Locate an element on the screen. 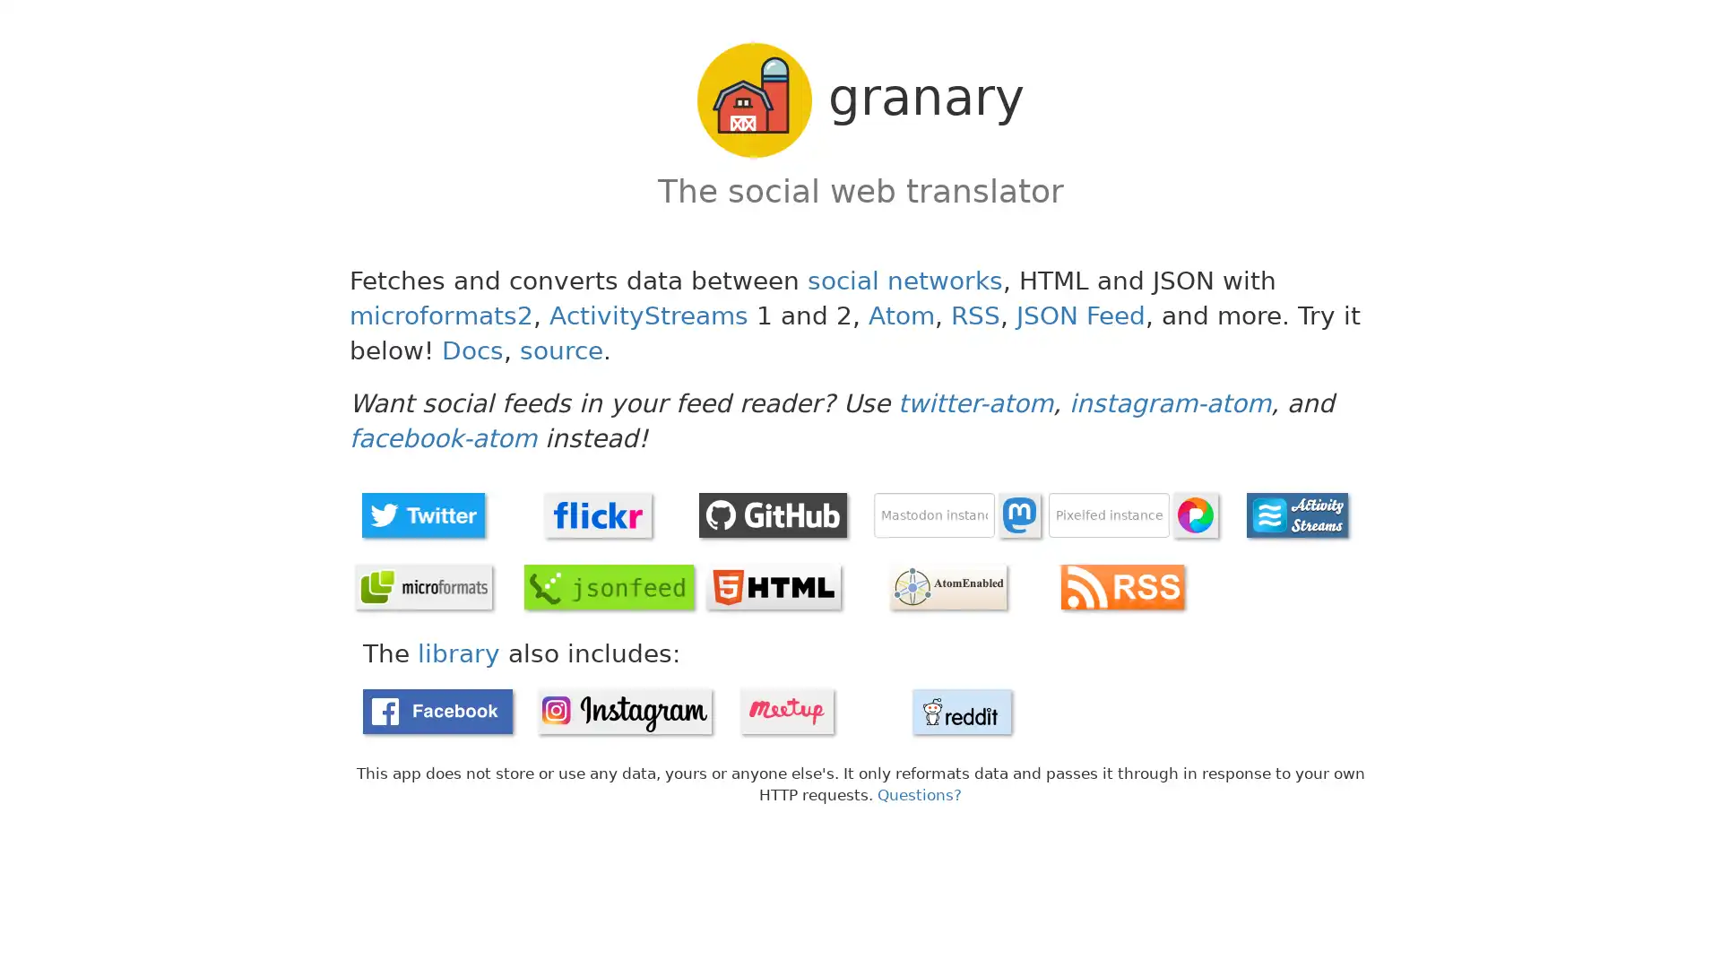 This screenshot has height=968, width=1721. RSS is located at coordinates (1121, 586).